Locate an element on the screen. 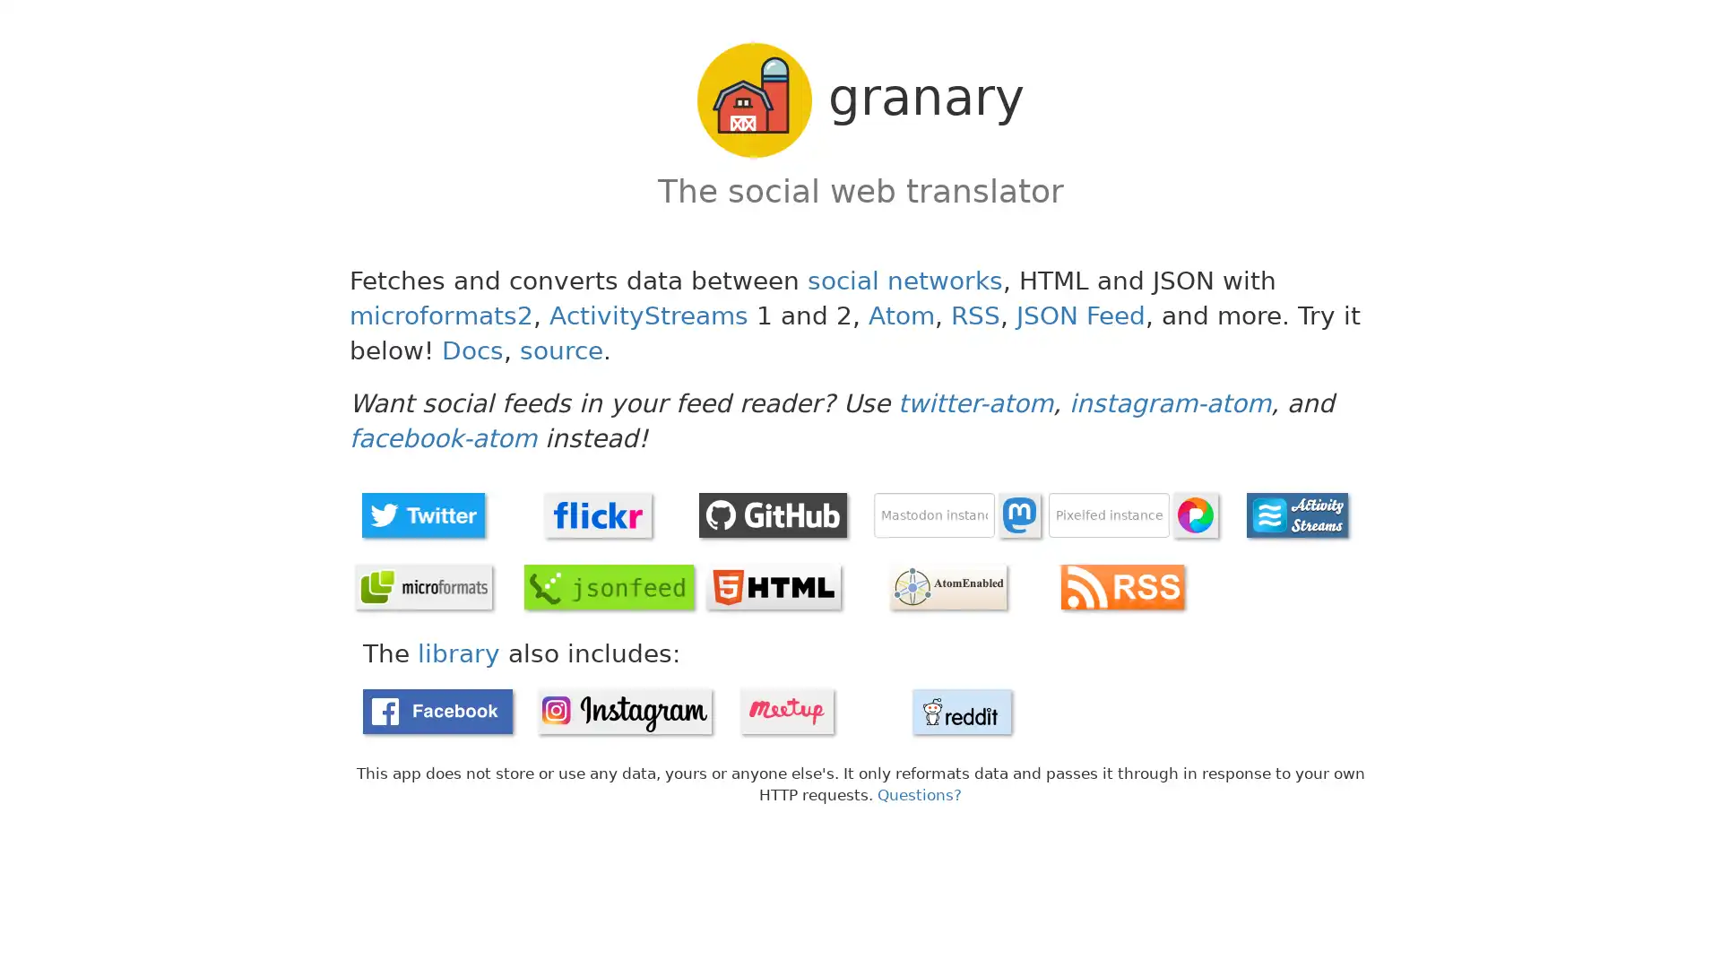 This screenshot has height=968, width=1721. RSS is located at coordinates (1121, 586).